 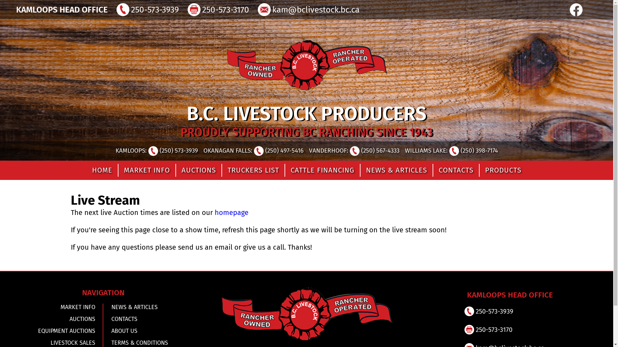 I want to click on '(250) 398-7174', so click(x=473, y=150).